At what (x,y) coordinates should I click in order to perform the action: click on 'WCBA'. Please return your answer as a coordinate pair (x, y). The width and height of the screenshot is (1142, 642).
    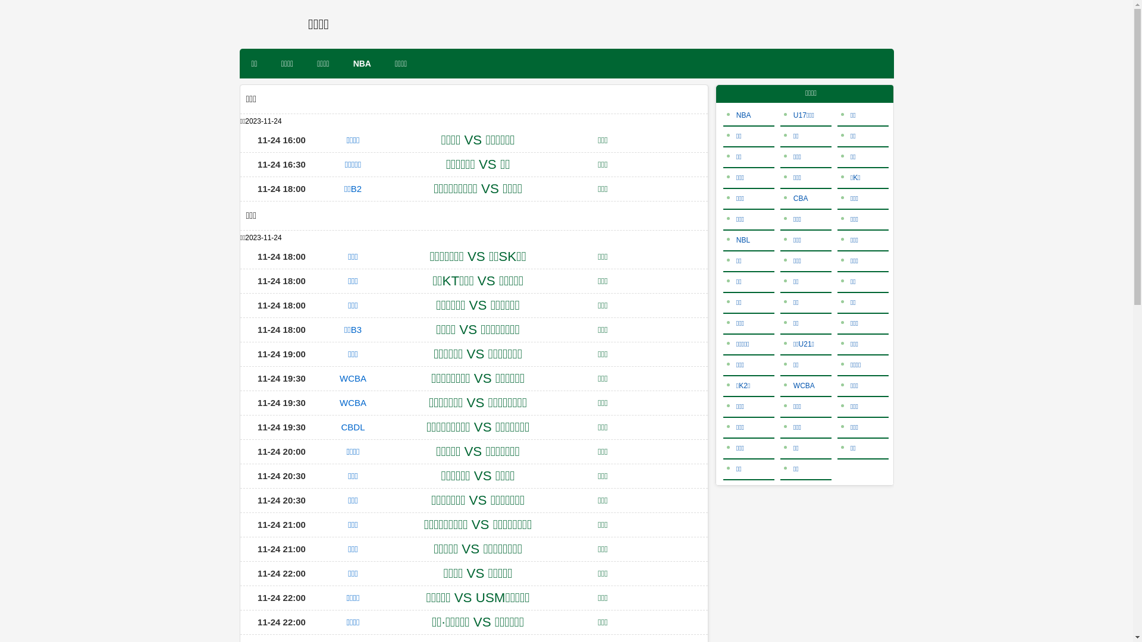
    Looking at the image, I should click on (799, 385).